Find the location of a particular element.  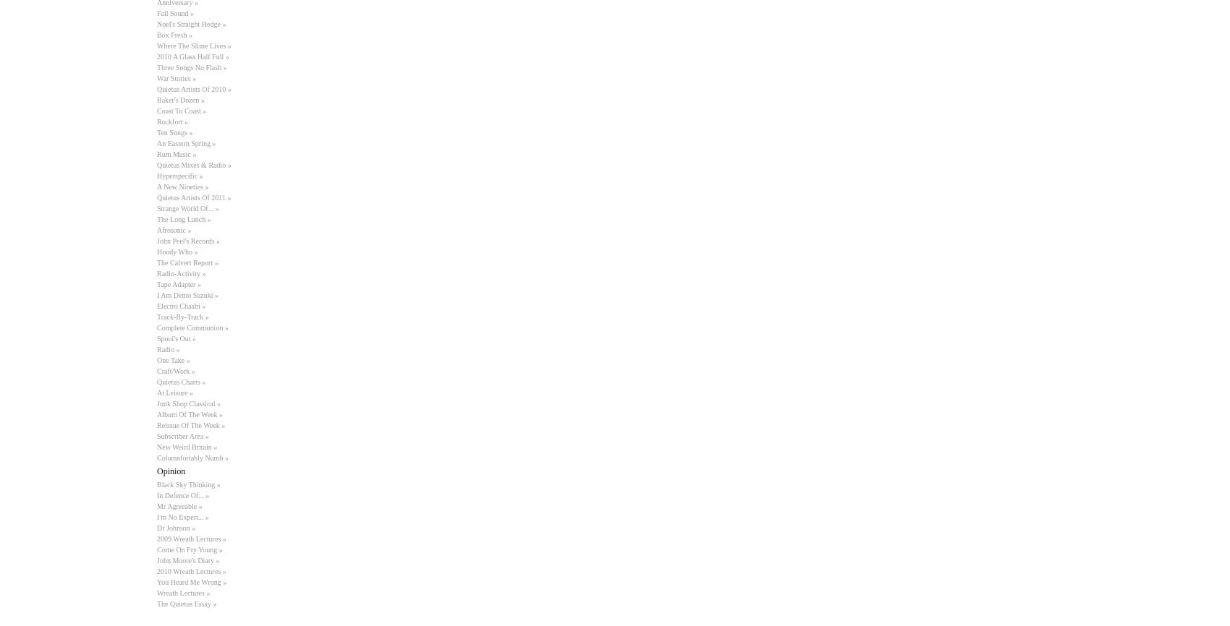

'Quietus Charts »' is located at coordinates (181, 382).